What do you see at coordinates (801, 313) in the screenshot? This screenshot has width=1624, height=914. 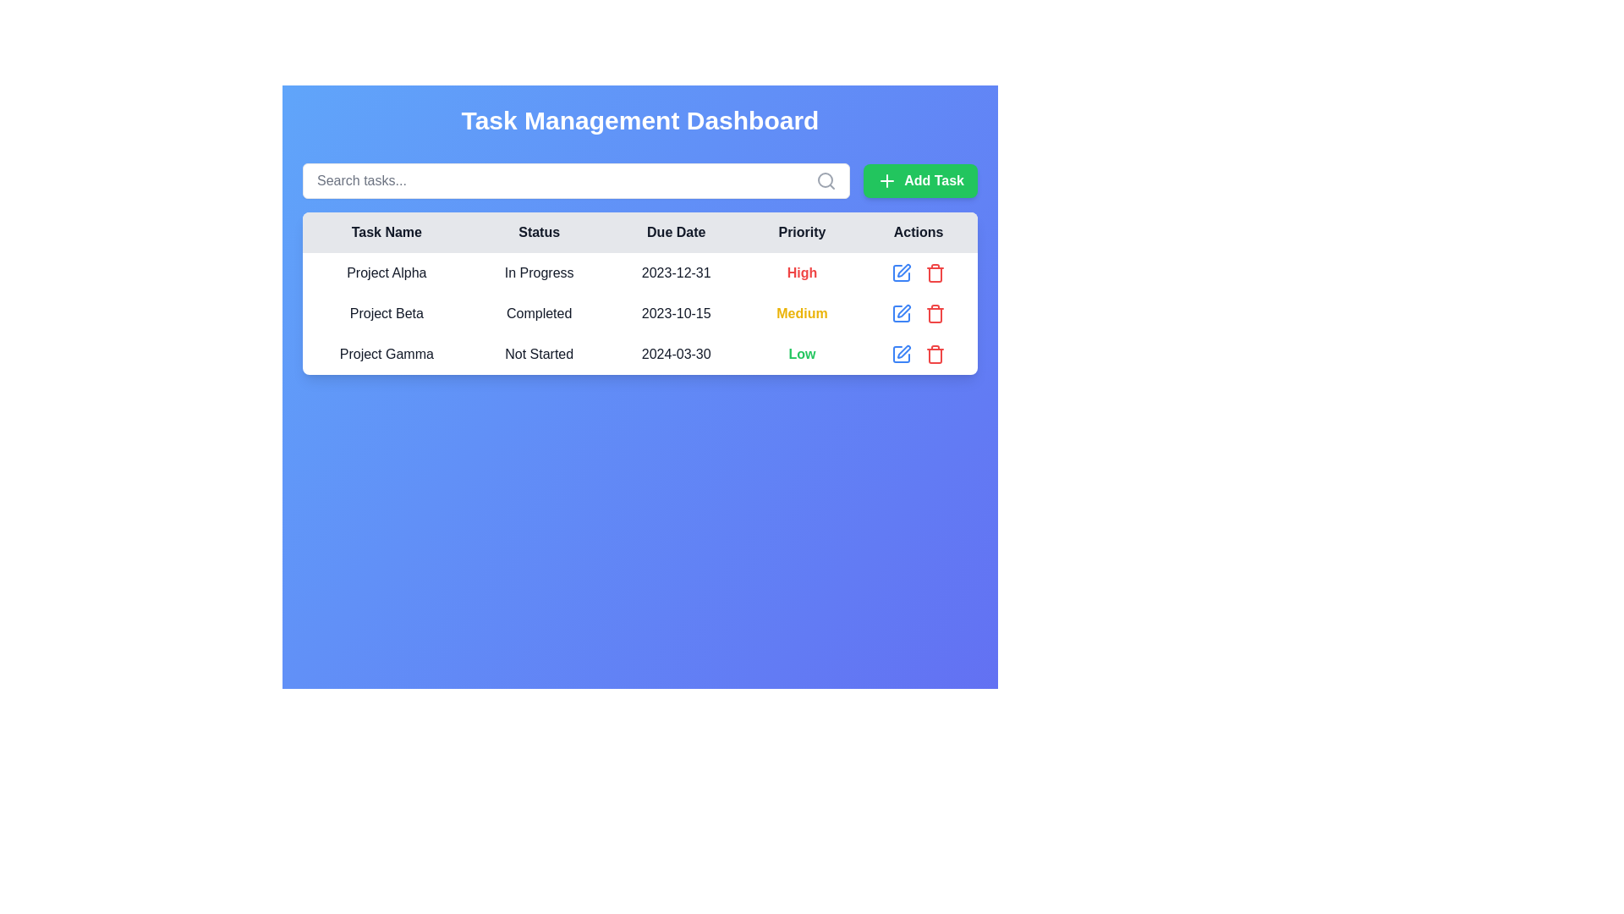 I see `the static text element labeled 'Medium' in the fourth column of the second row of the task table for 'Project Beta'` at bounding box center [801, 313].